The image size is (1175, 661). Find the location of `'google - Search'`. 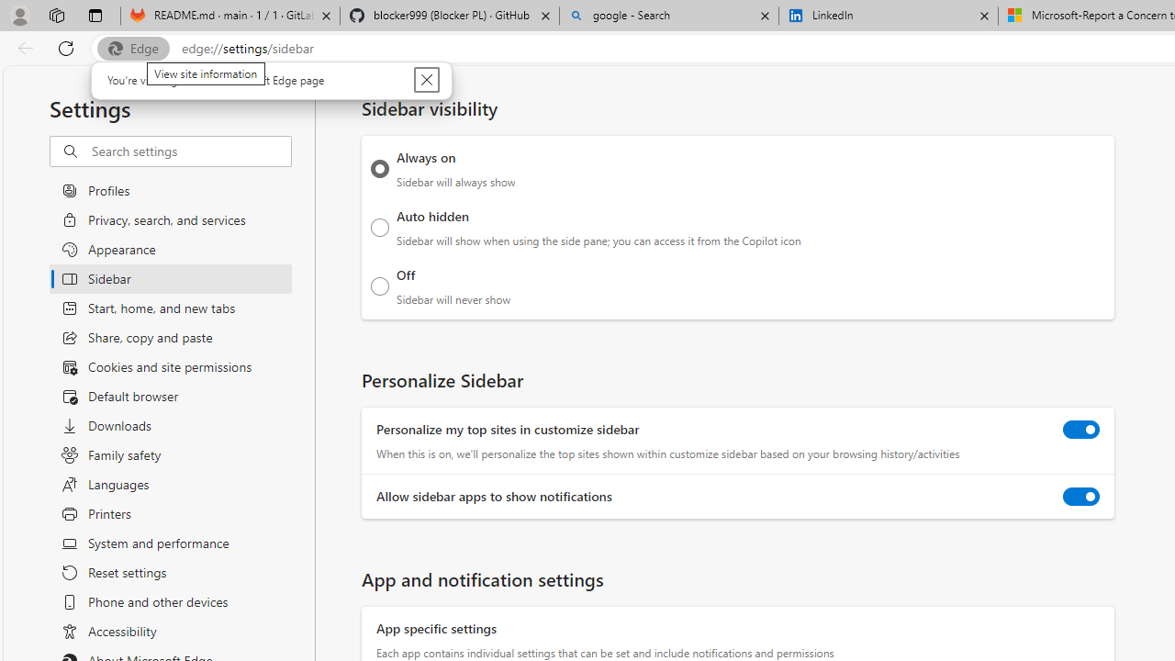

'google - Search' is located at coordinates (668, 16).